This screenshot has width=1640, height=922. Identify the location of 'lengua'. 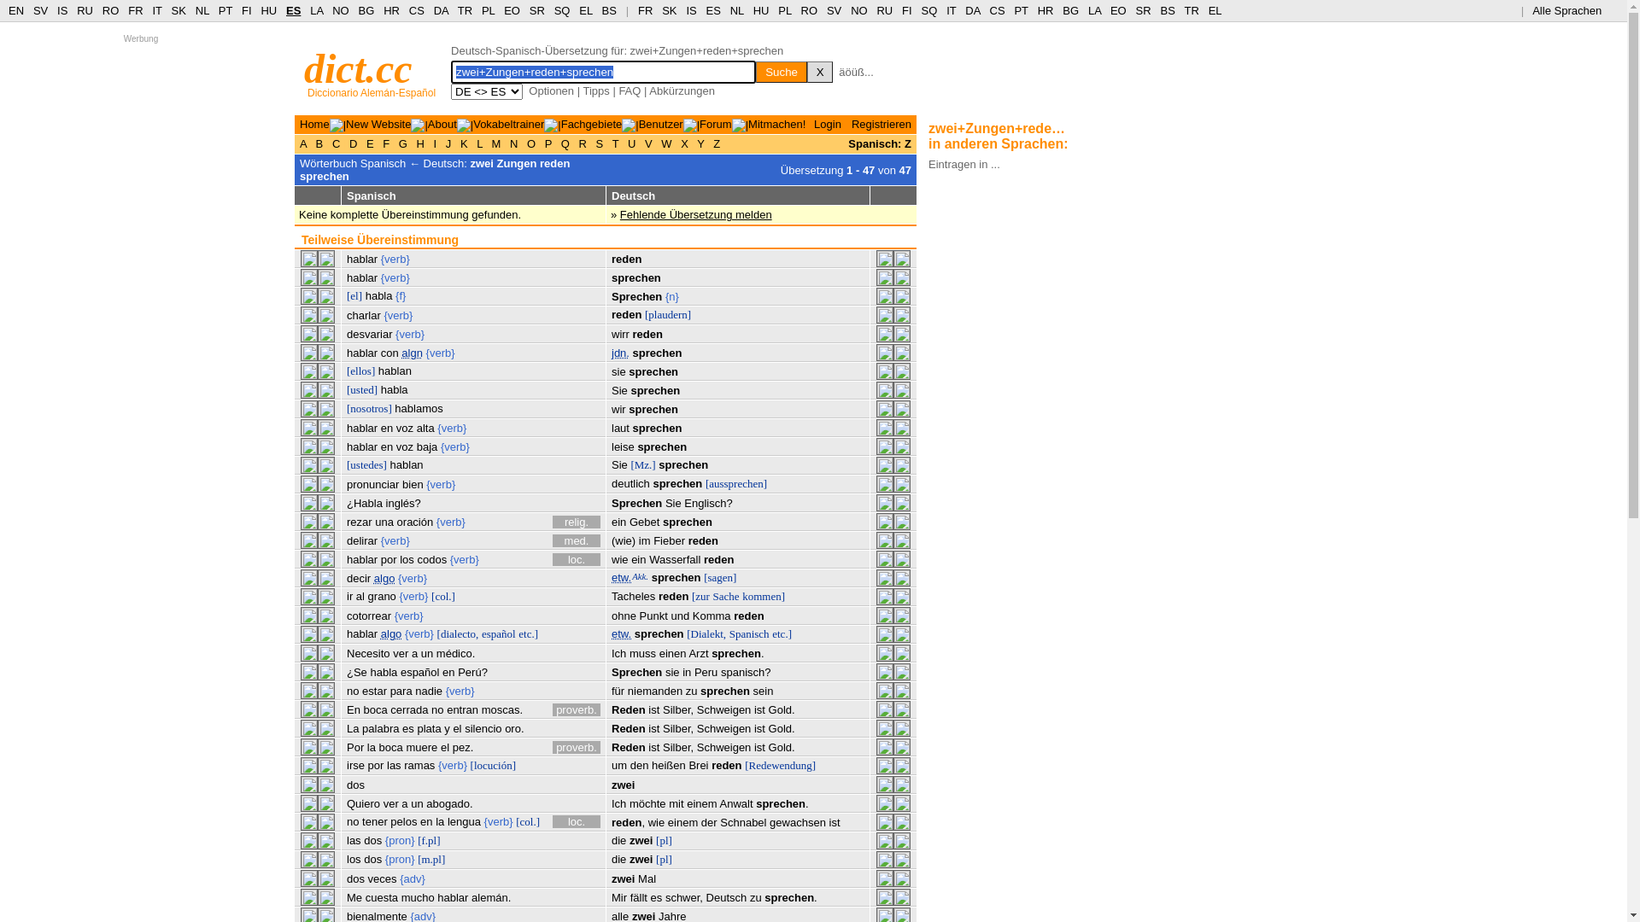
(464, 820).